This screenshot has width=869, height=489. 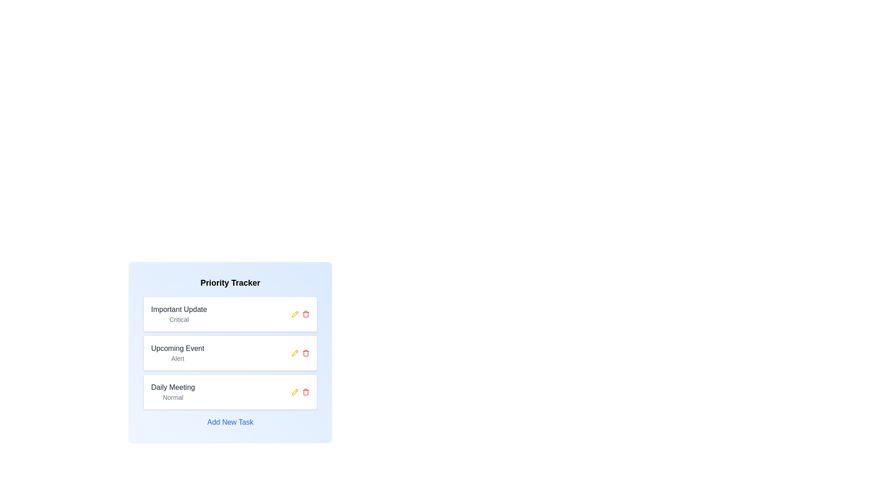 I want to click on the 'Add New Task' button to add a new chip, so click(x=230, y=422).